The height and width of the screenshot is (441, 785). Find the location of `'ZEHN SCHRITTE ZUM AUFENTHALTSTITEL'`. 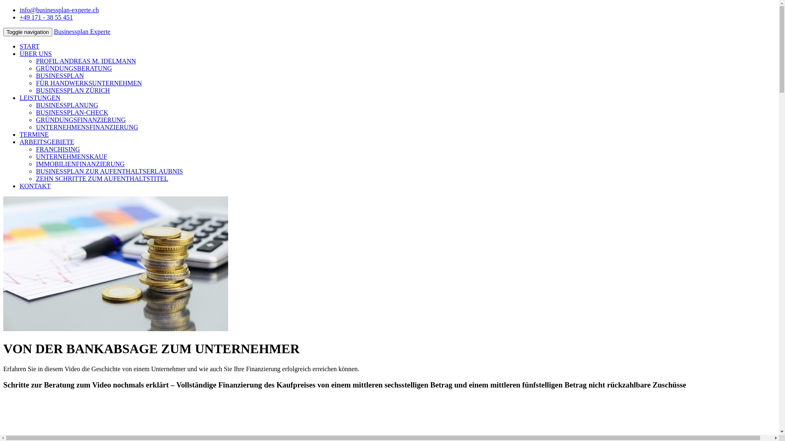

'ZEHN SCHRITTE ZUM AUFENTHALTSTITEL' is located at coordinates (101, 178).